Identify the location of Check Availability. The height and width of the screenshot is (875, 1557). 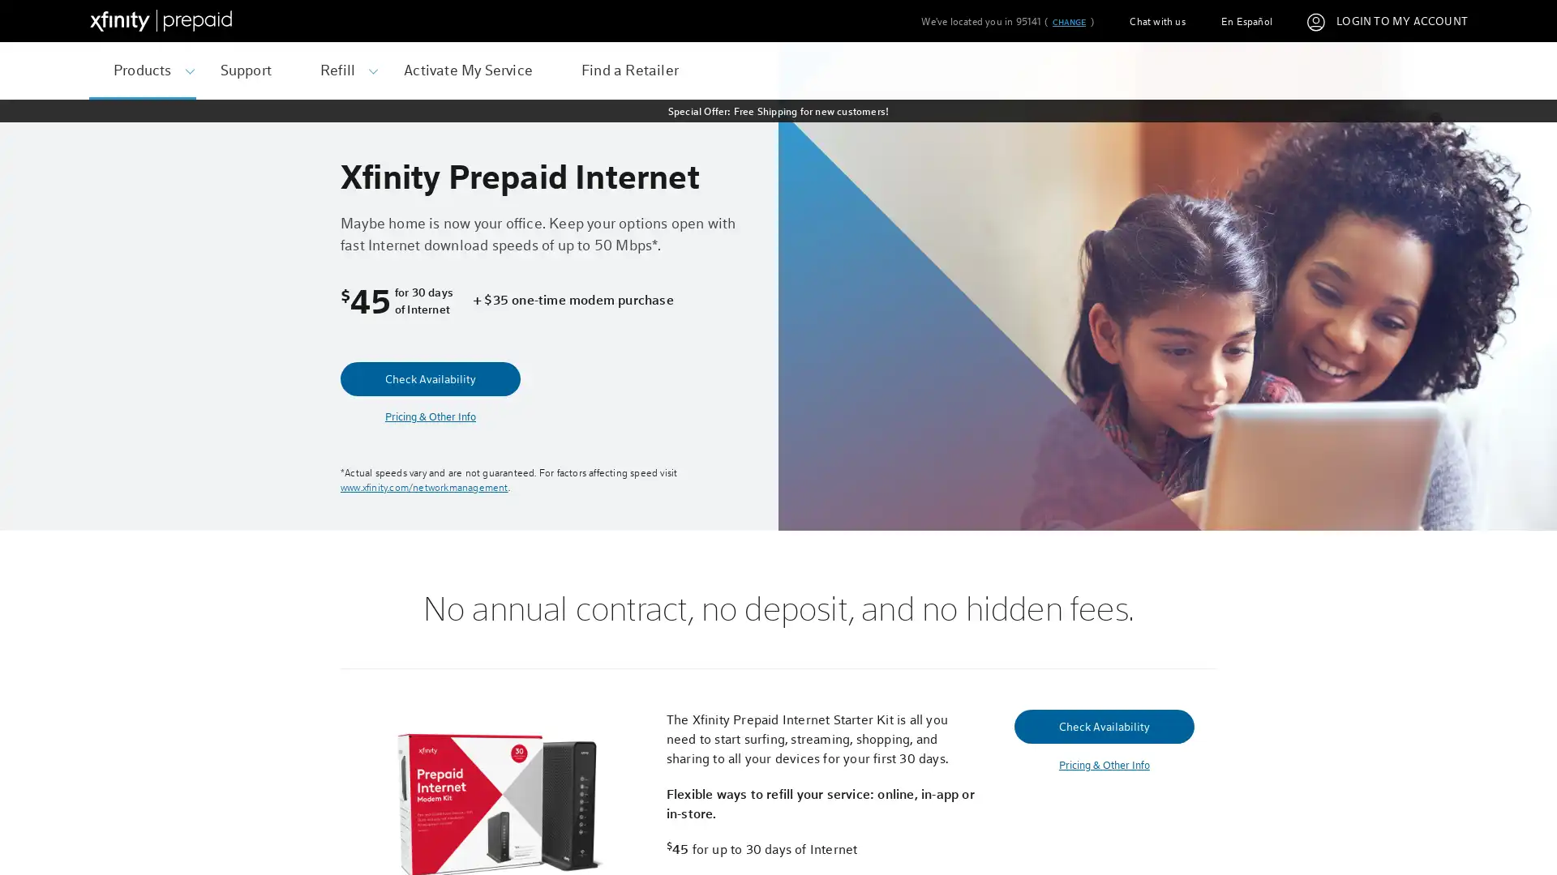
(1103, 724).